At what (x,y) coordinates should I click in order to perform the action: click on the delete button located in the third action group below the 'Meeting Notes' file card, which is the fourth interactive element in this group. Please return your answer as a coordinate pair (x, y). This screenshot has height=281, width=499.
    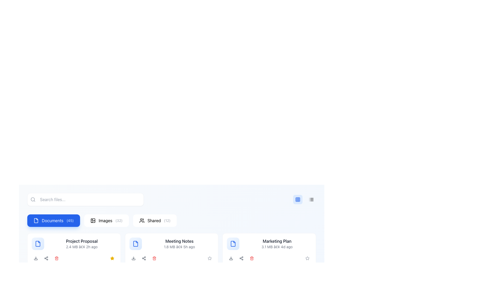
    Looking at the image, I should click on (154, 258).